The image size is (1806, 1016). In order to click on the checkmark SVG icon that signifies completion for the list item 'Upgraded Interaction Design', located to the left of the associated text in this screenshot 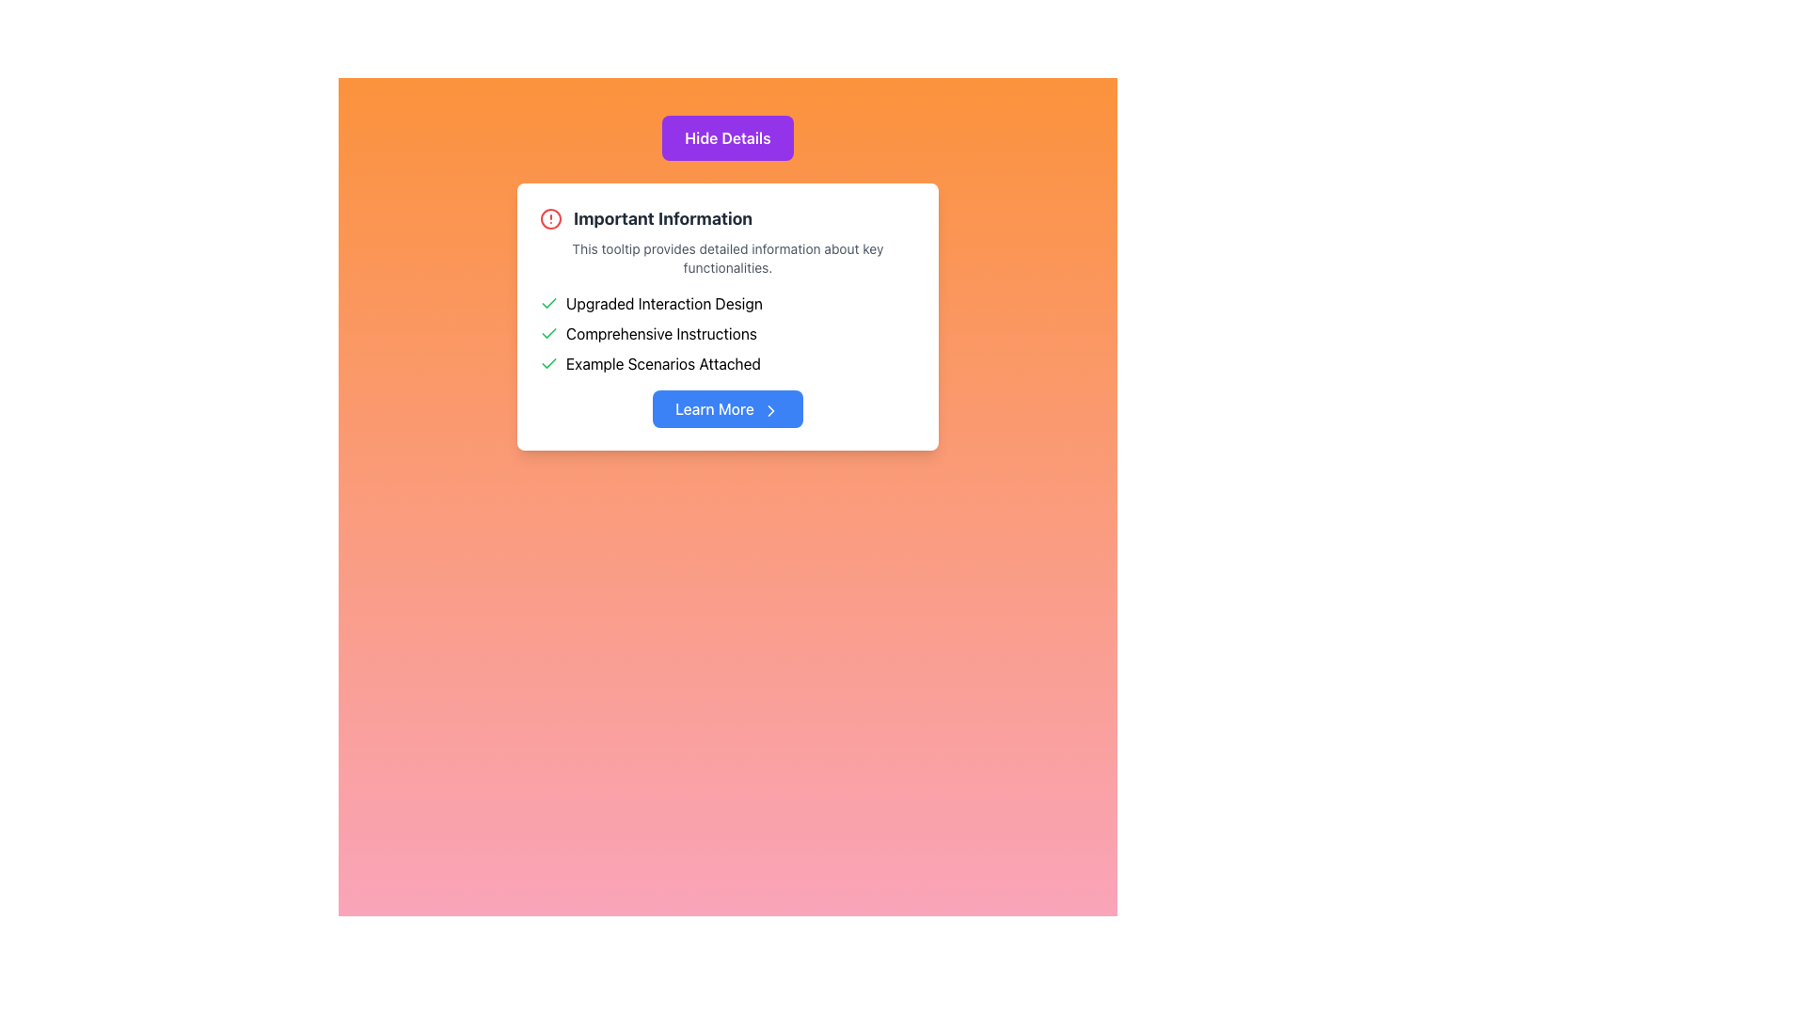, I will do `click(548, 303)`.